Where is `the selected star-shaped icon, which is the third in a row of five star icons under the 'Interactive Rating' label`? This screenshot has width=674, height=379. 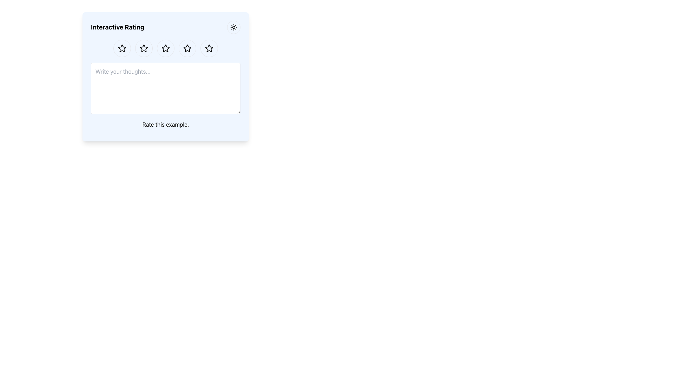
the selected star-shaped icon, which is the third in a row of five star icons under the 'Interactive Rating' label is located at coordinates (187, 48).